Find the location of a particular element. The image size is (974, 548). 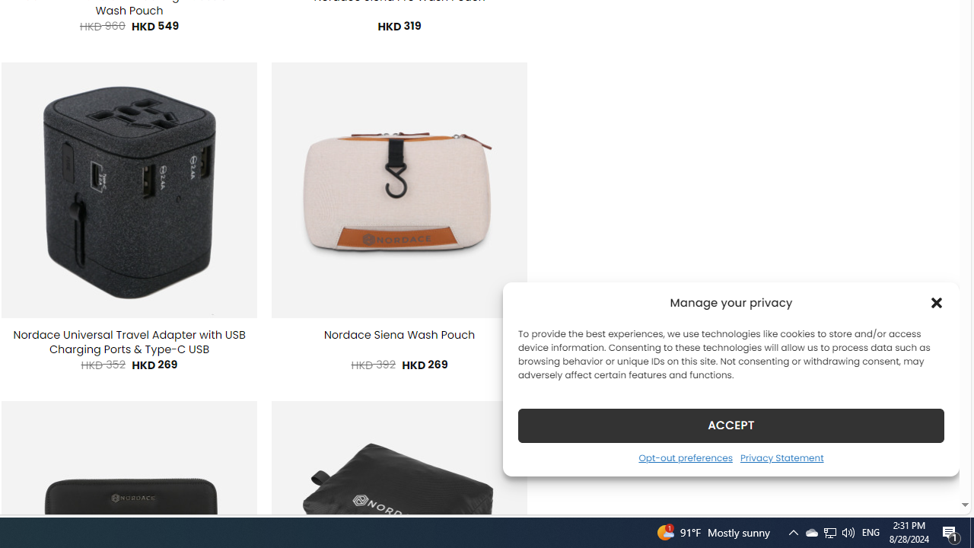

'Privacy Statement' is located at coordinates (781, 457).